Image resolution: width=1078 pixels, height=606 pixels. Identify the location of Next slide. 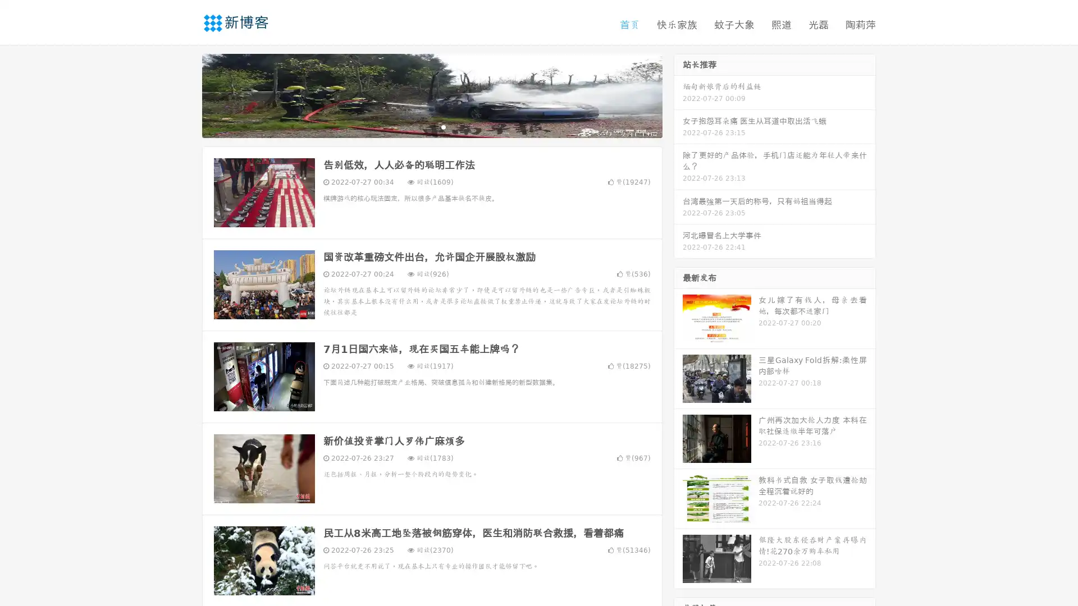
(678, 94).